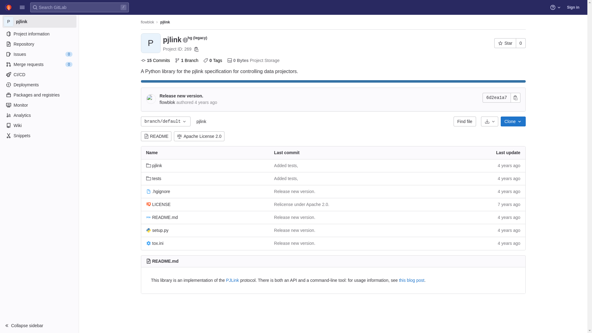 The image size is (592, 333). I want to click on 'tox.ini', so click(155, 243).